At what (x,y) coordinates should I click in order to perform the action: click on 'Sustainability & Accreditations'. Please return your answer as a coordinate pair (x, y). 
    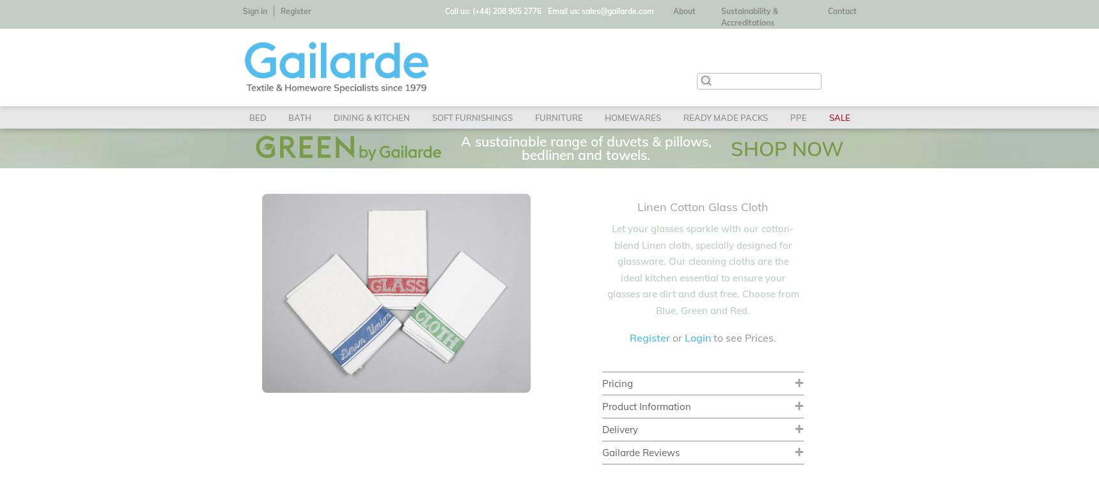
    Looking at the image, I should click on (749, 17).